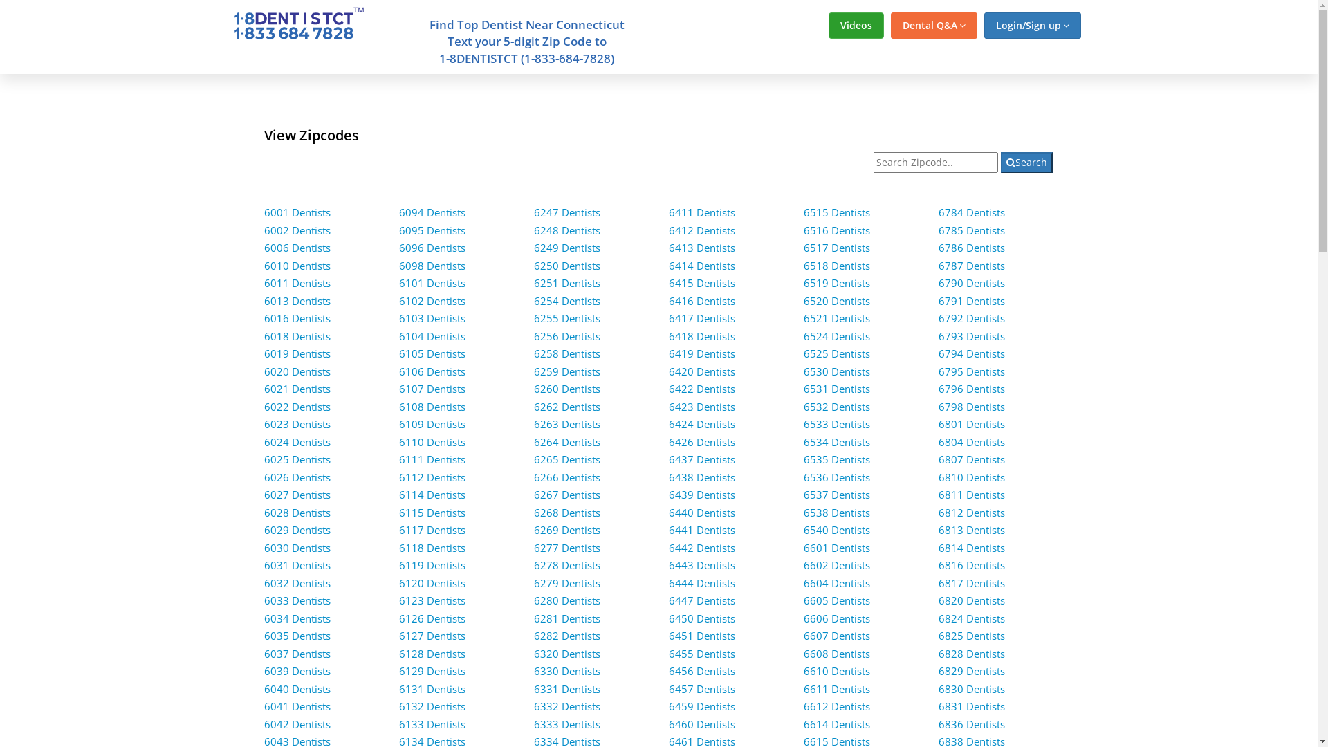 Image resolution: width=1328 pixels, height=747 pixels. I want to click on '6110 Dentists', so click(398, 442).